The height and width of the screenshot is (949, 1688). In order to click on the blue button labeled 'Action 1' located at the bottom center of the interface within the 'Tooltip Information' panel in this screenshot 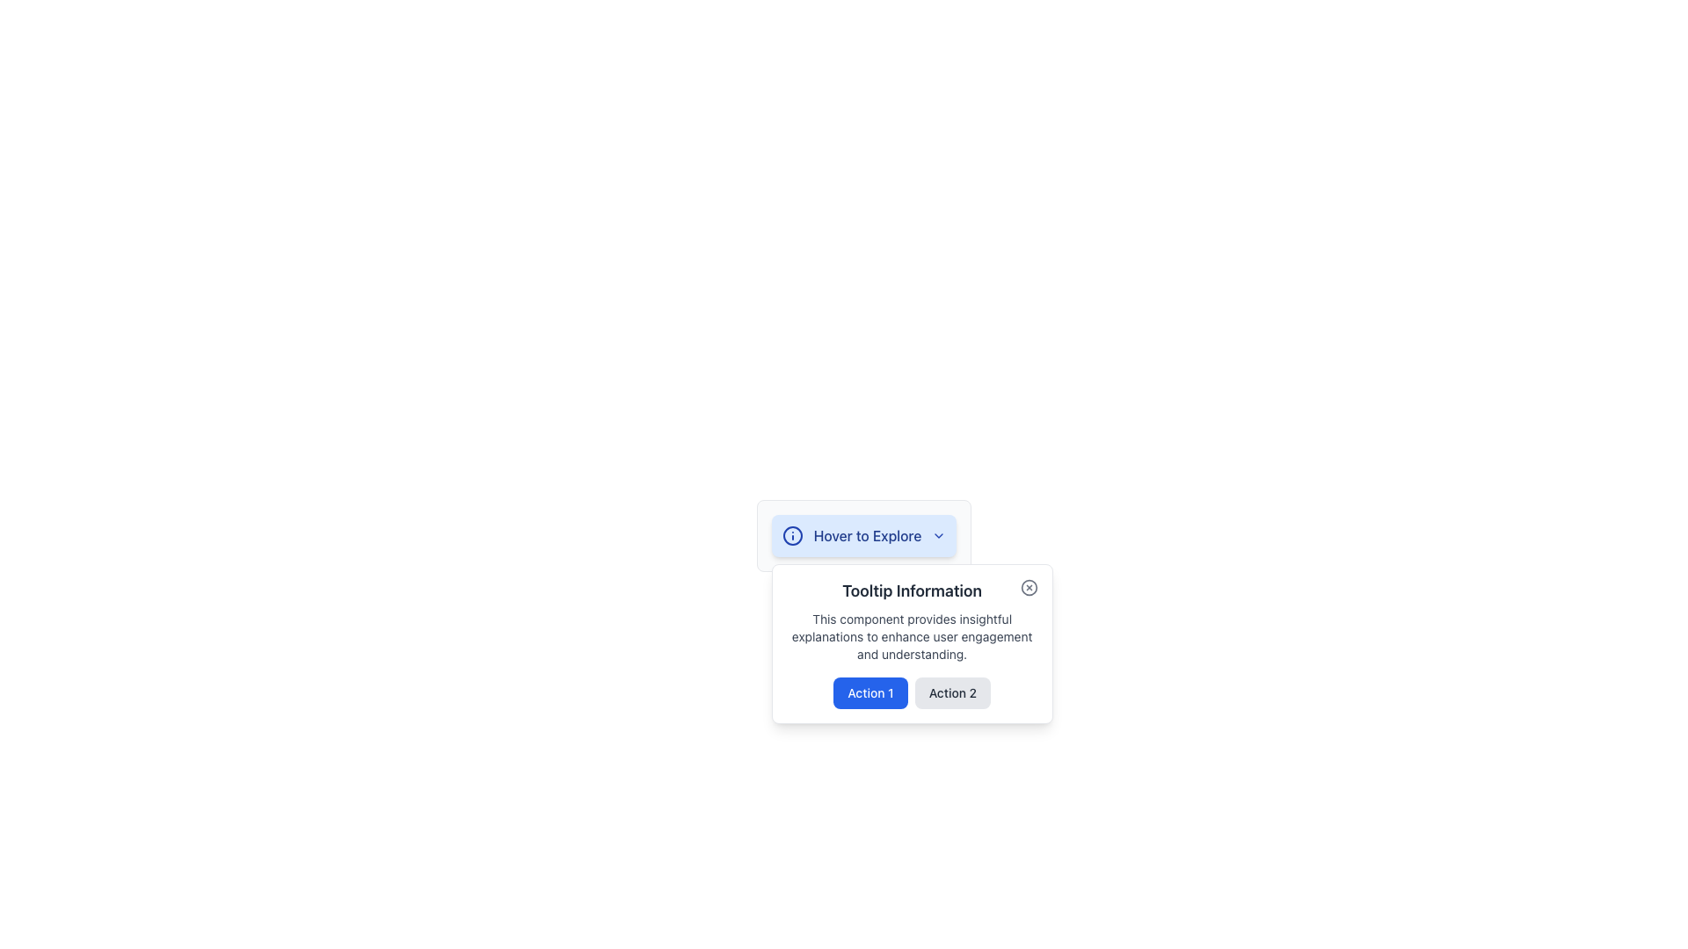, I will do `click(870, 692)`.